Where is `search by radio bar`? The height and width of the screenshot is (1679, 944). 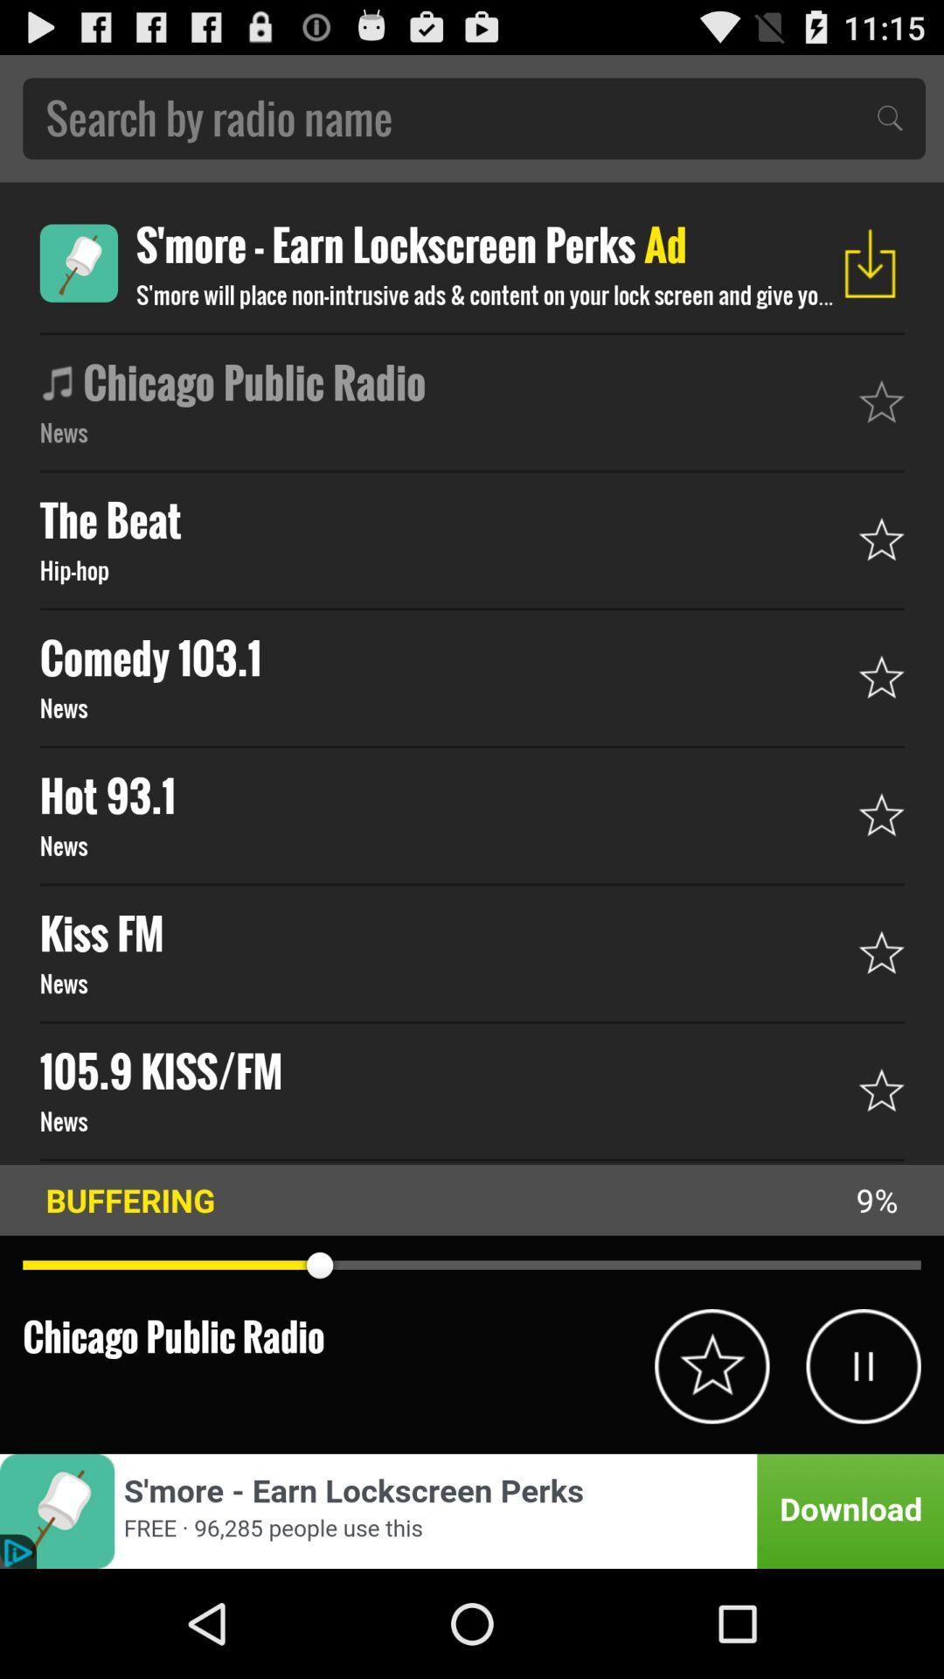
search by radio bar is located at coordinates (474, 117).